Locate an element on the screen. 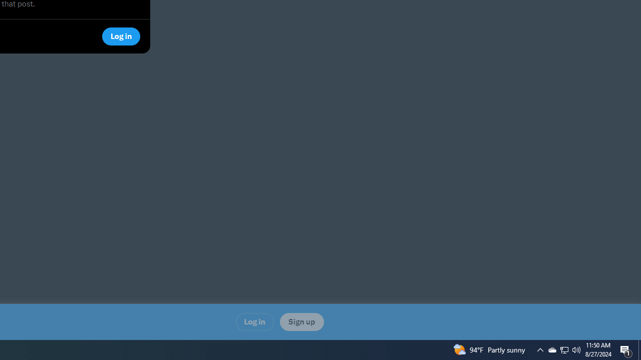 Image resolution: width=641 pixels, height=360 pixels. 'Log in' is located at coordinates (254, 321).